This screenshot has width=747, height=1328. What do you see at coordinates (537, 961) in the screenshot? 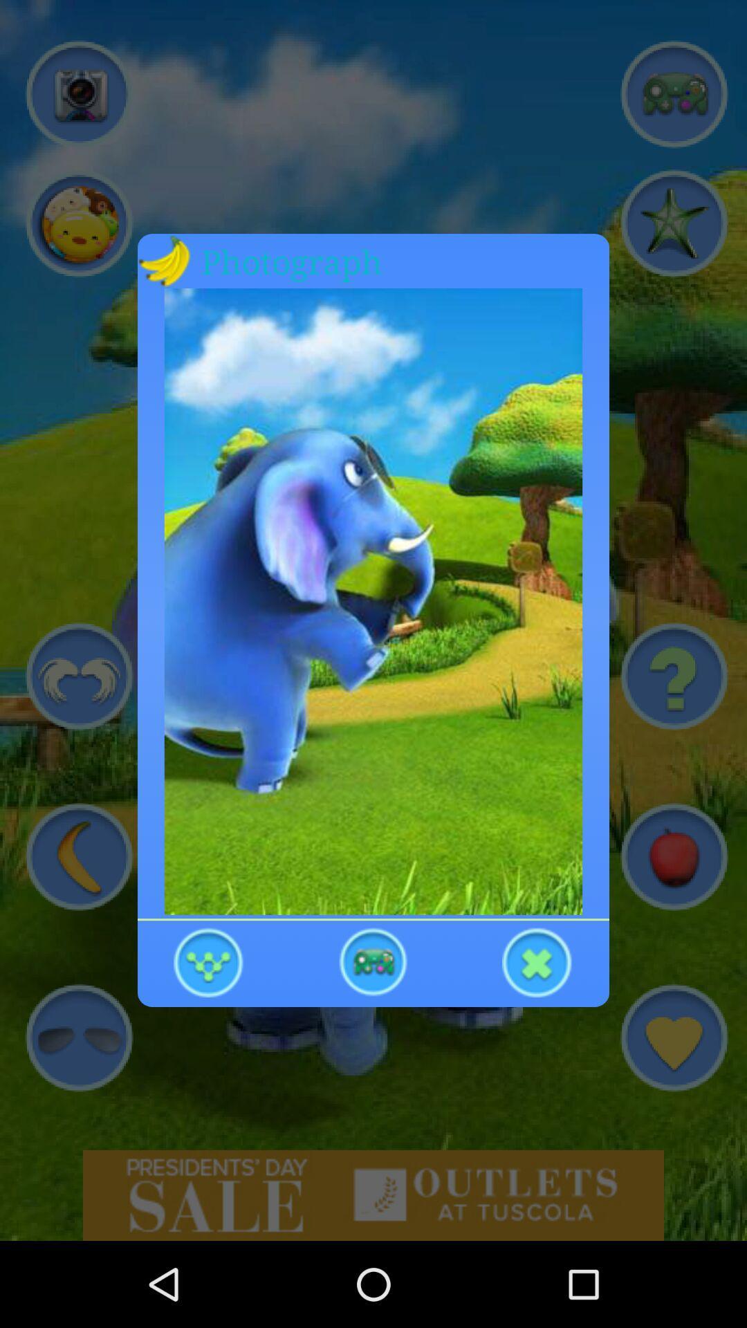
I see `exit out` at bounding box center [537, 961].